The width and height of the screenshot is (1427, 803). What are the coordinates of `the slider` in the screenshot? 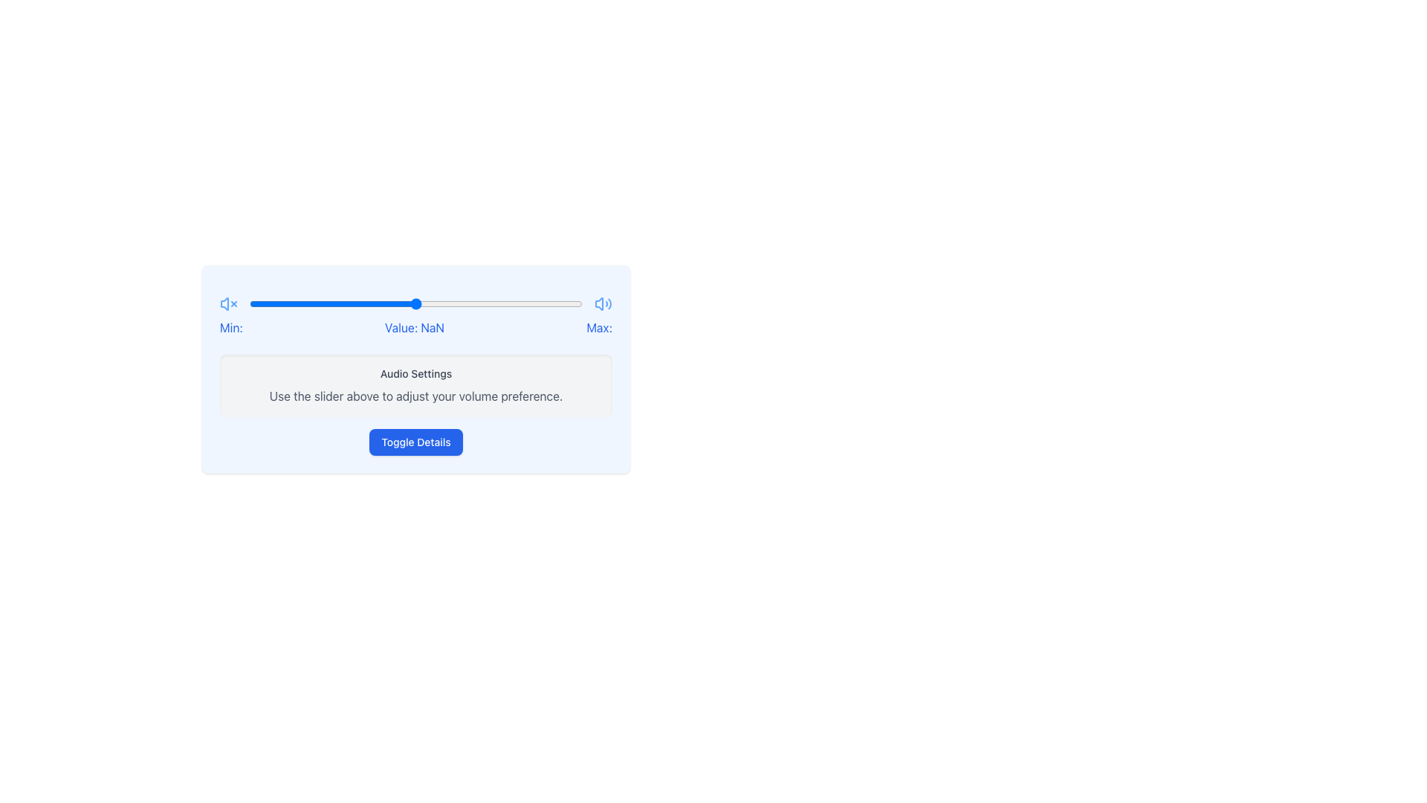 It's located at (410, 303).